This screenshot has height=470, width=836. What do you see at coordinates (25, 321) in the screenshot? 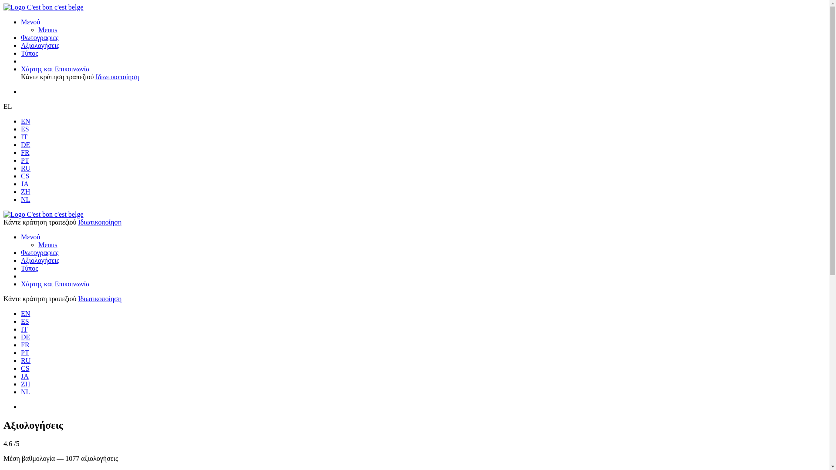
I see `'ES'` at bounding box center [25, 321].